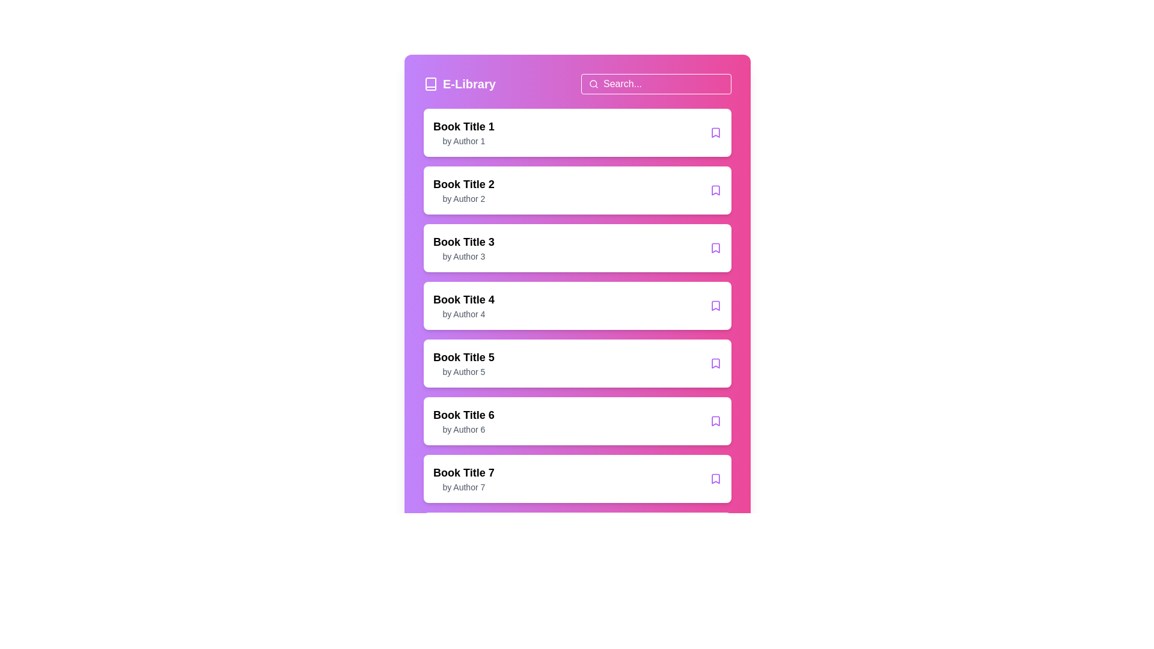 Image resolution: width=1154 pixels, height=649 pixels. I want to click on the text label displaying 'by Author 3', so click(463, 256).